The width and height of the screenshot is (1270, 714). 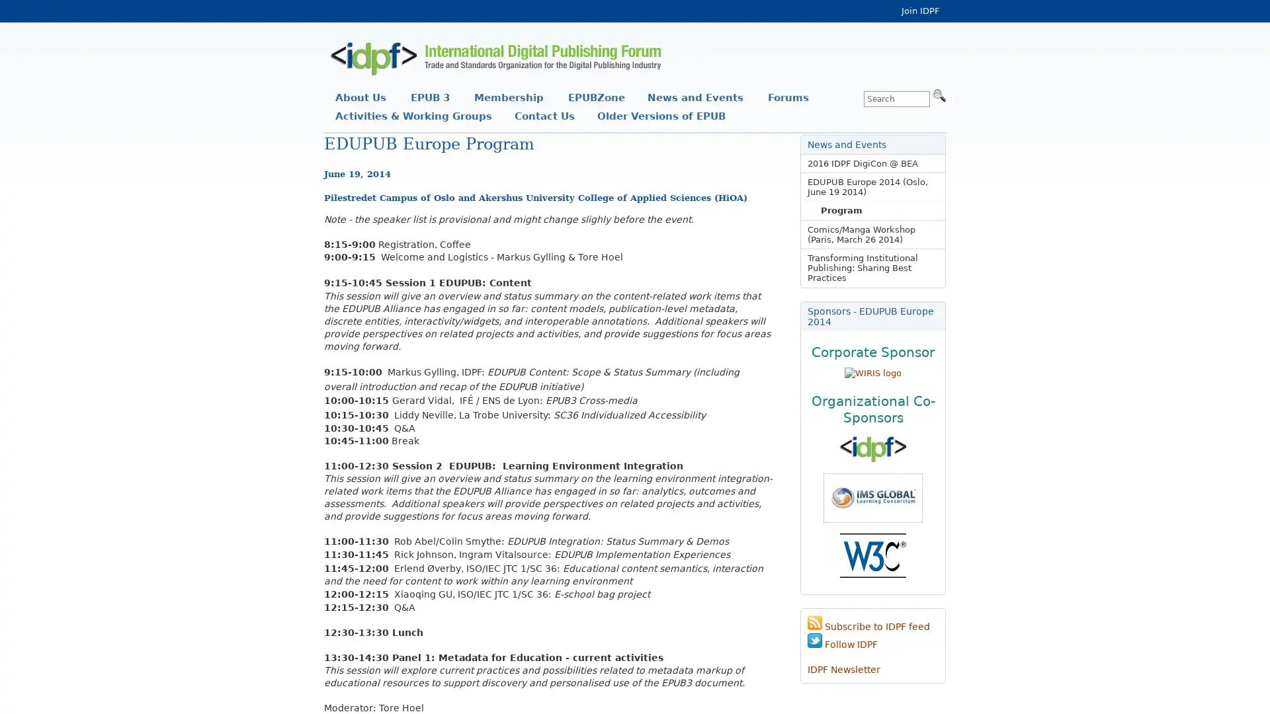 What do you see at coordinates (939, 94) in the screenshot?
I see `Go` at bounding box center [939, 94].